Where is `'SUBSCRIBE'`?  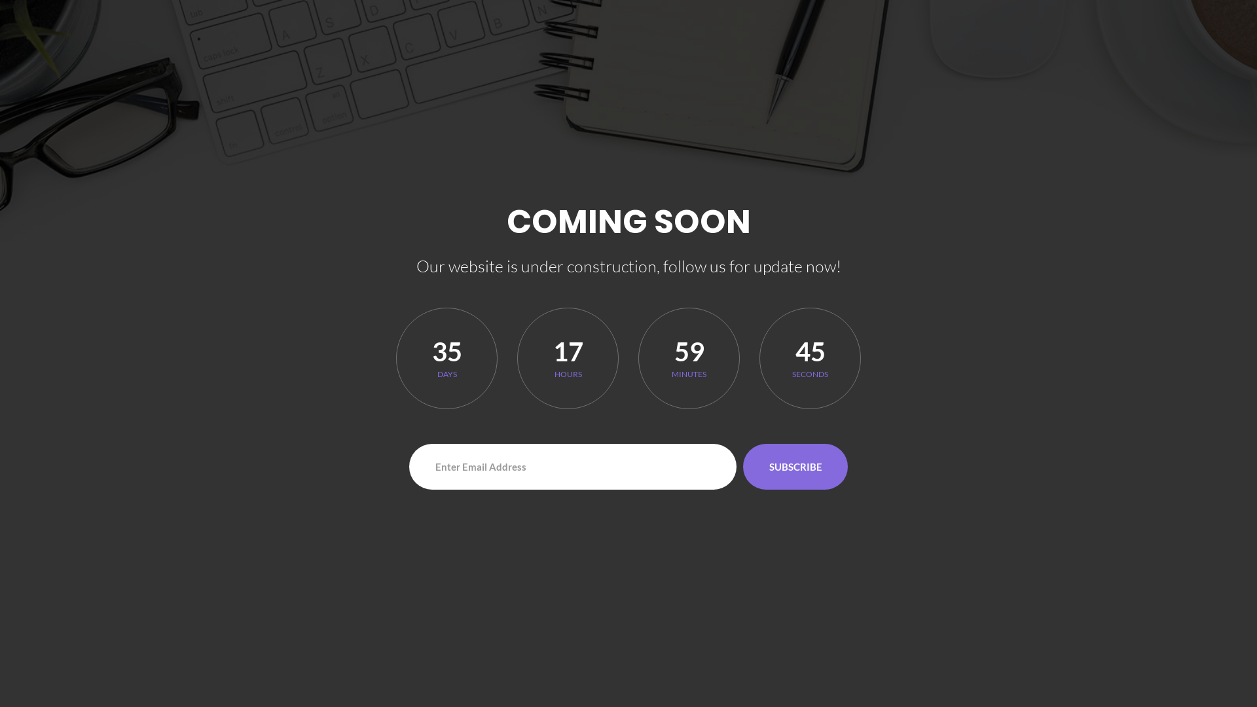 'SUBSCRIBE' is located at coordinates (742, 466).